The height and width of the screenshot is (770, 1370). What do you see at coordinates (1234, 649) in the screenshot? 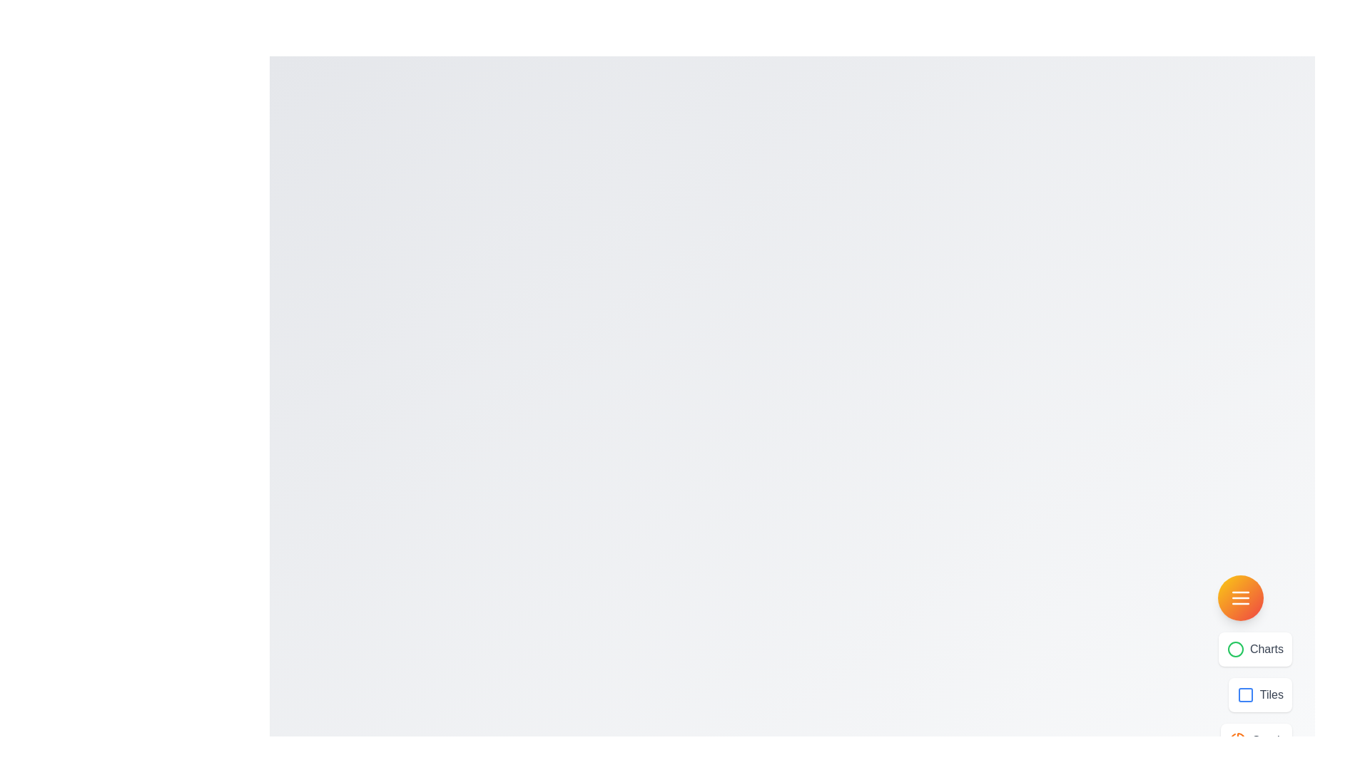
I see `the menu option icon corresponding to Charts` at bounding box center [1234, 649].